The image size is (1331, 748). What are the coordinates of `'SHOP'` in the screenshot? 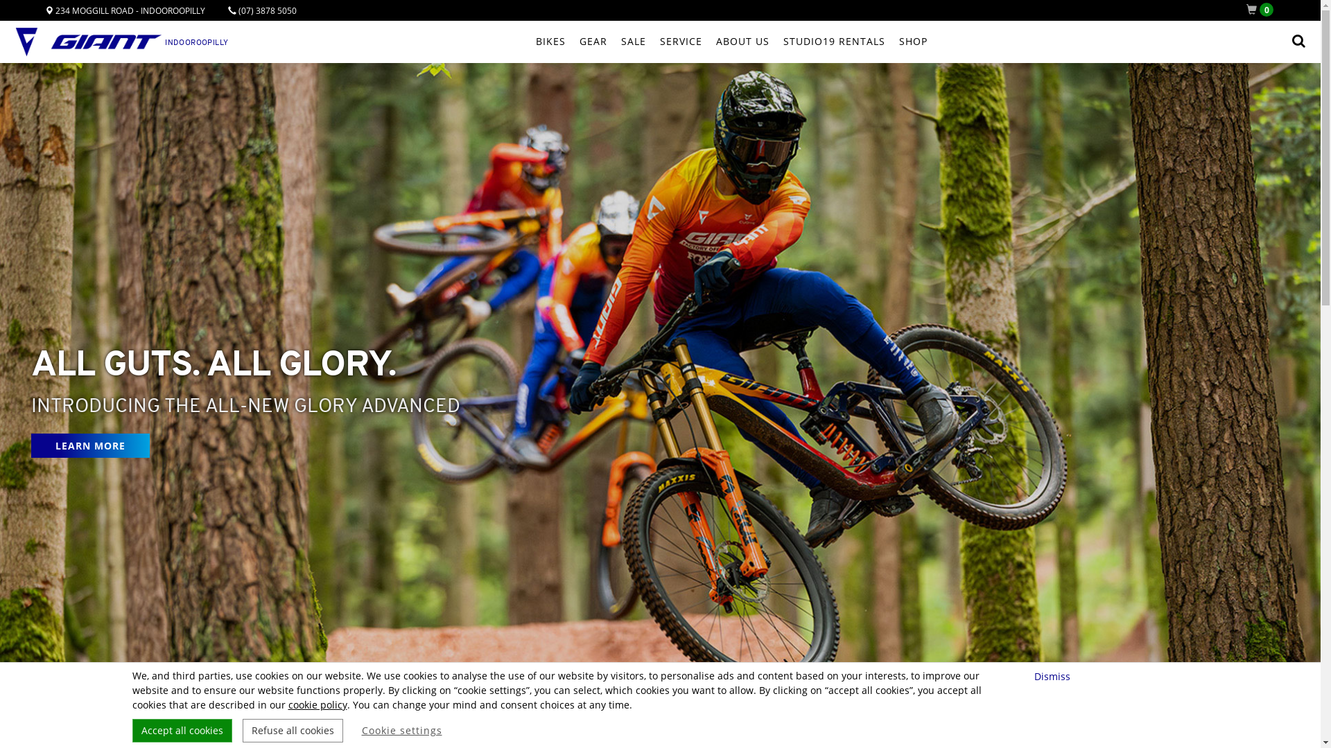 It's located at (912, 41).